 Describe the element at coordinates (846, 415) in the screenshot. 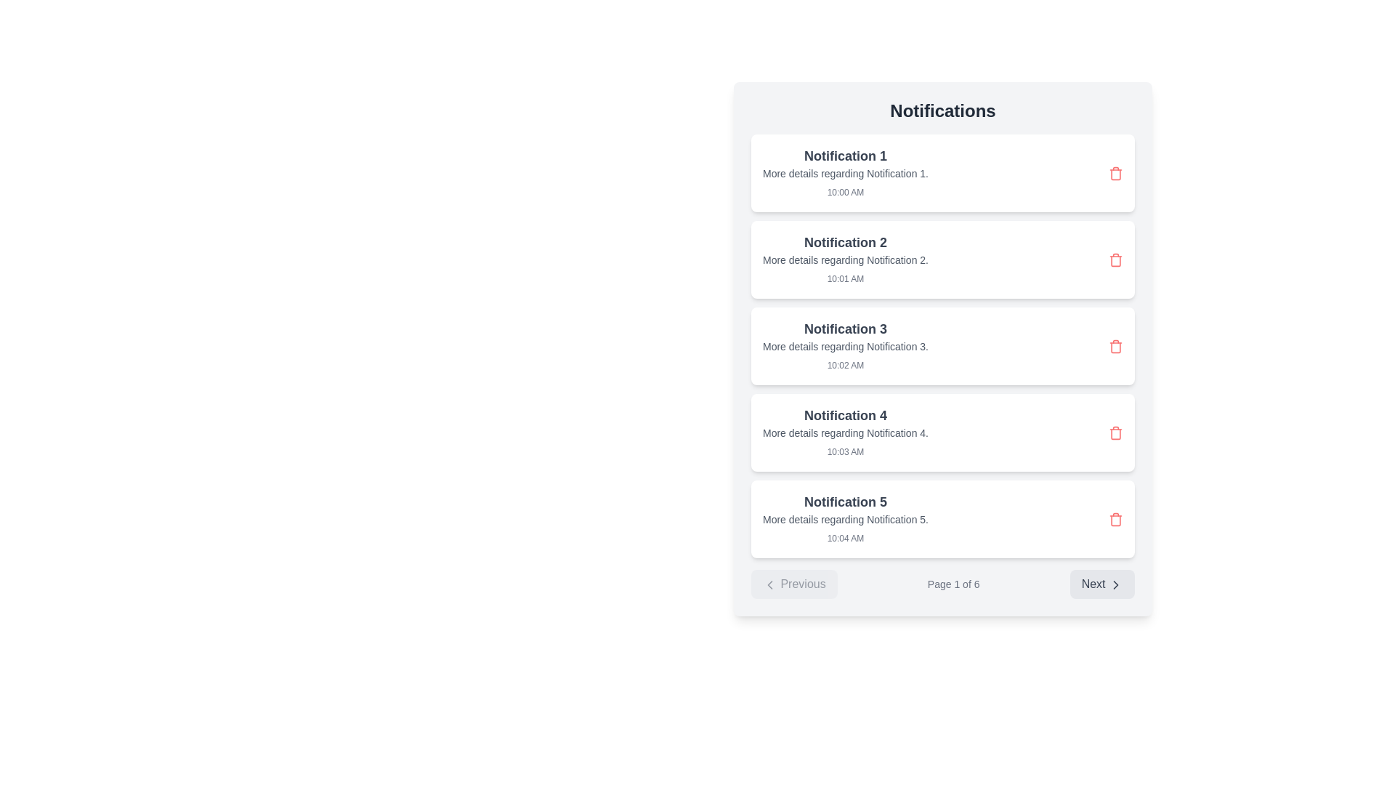

I see `the text label that displays 'Notification 4', which is styled with a large, bold font in dark gray color and is positioned within the fourth item of a vertical list of notifications` at that location.